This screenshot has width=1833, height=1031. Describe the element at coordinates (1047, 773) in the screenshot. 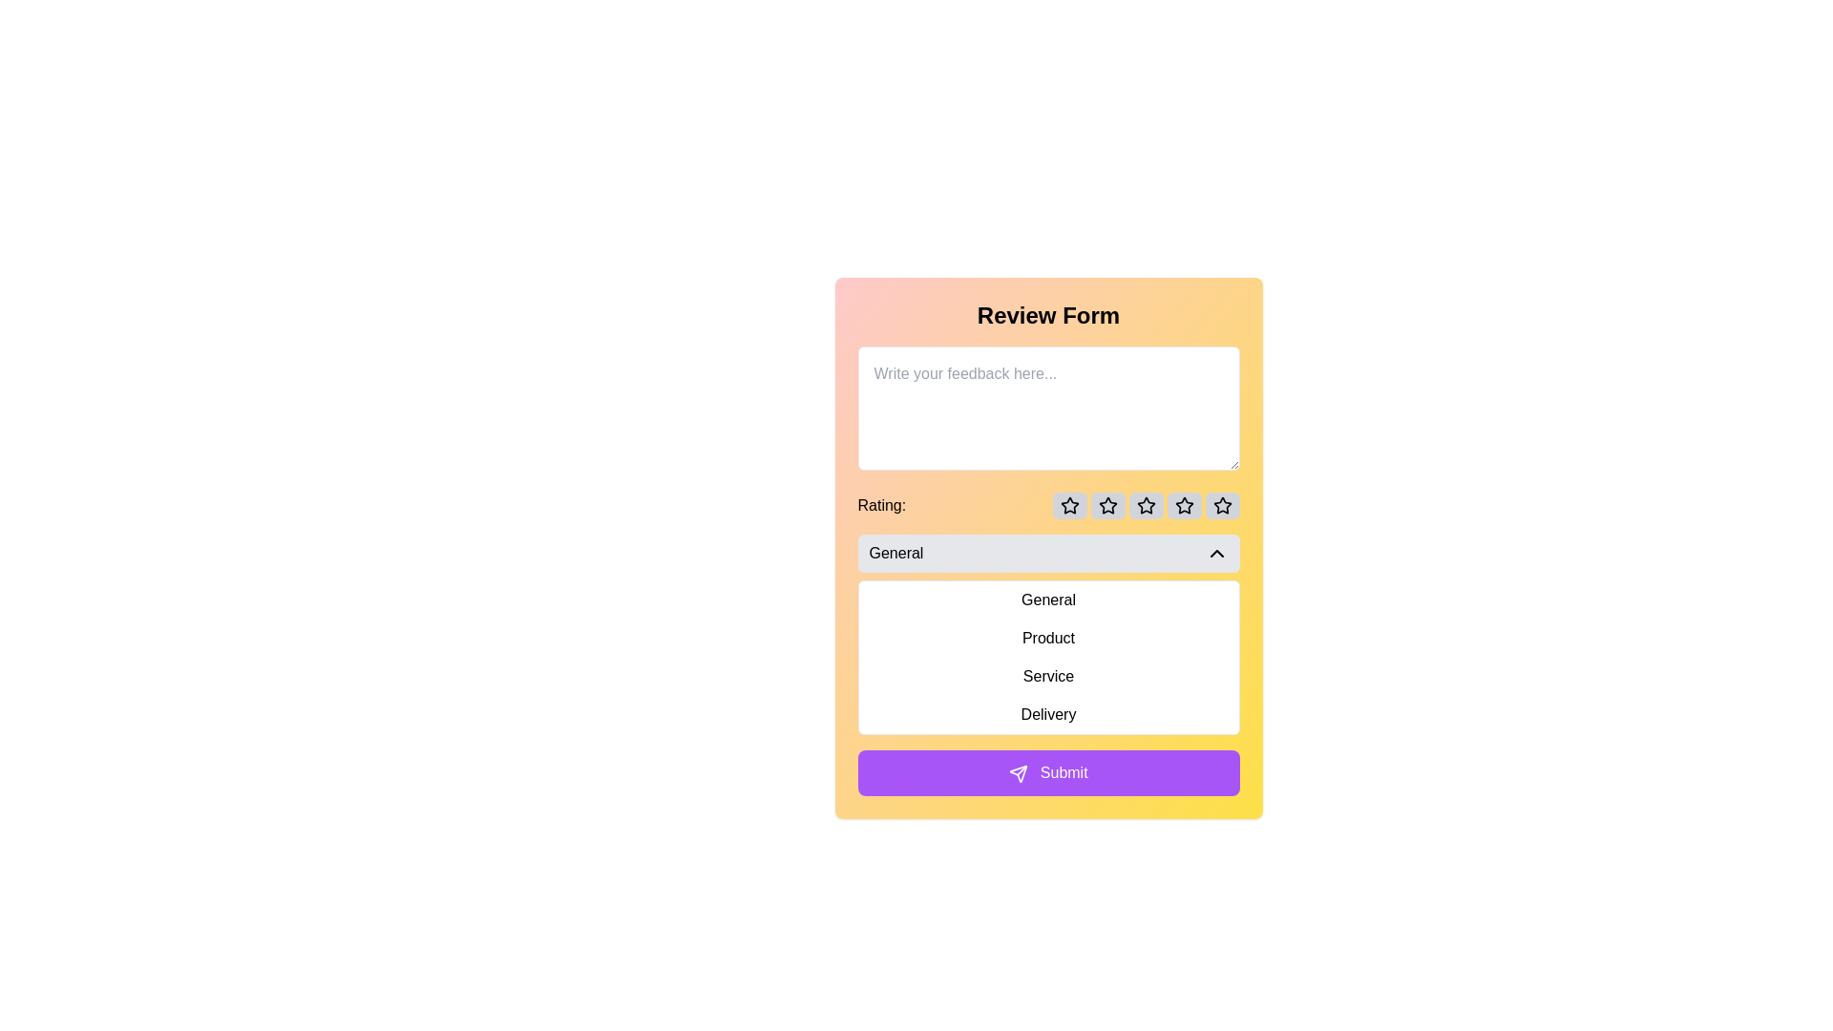

I see `the 'Submit' button, which is styled with a purple gradient color and white text, located at the bottom section of the review form` at that location.